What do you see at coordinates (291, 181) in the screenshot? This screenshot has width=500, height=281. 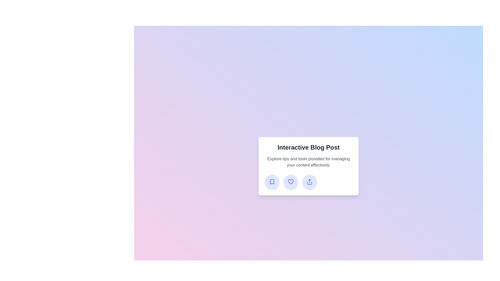 I see `the second circular button with a heart icon located beneath the 'Interactive Blog Post' title` at bounding box center [291, 181].